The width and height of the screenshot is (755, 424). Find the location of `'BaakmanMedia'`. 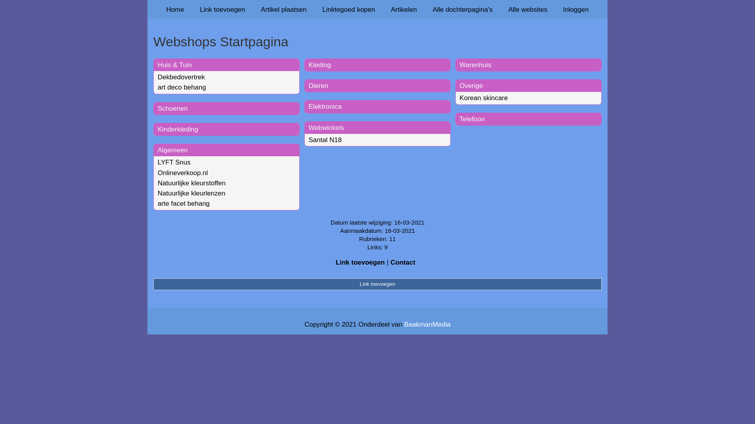

'BaakmanMedia' is located at coordinates (404, 324).